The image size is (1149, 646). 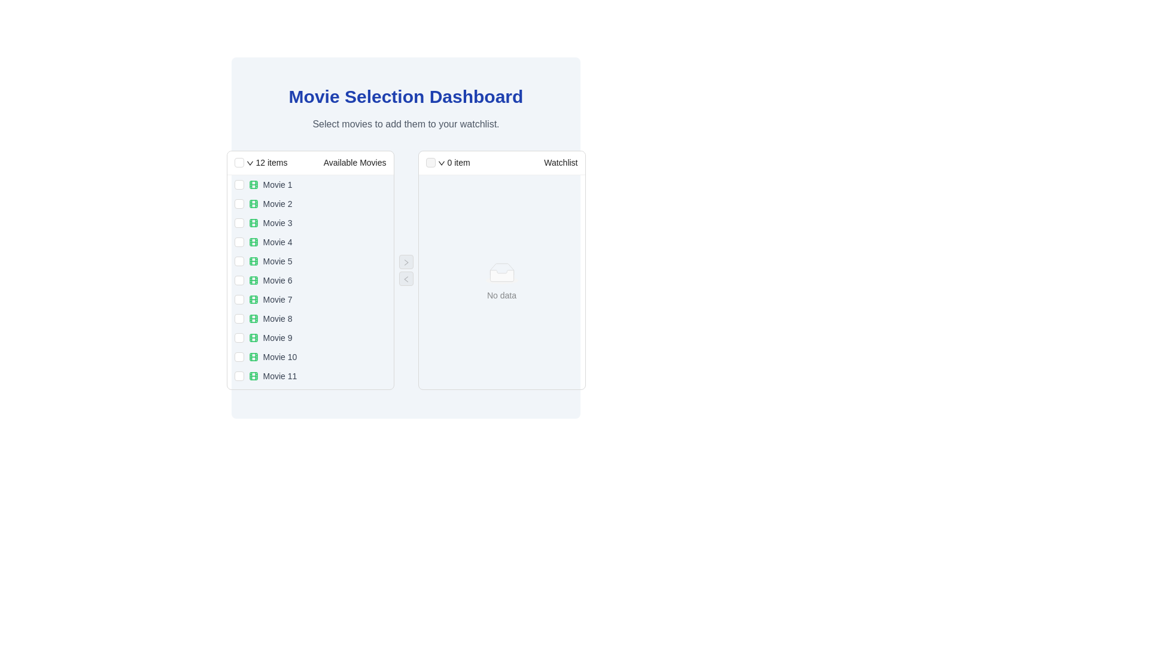 I want to click on the checkbox of the selectable movie option for 'Movie 2' in the list of available movies, so click(x=310, y=203).